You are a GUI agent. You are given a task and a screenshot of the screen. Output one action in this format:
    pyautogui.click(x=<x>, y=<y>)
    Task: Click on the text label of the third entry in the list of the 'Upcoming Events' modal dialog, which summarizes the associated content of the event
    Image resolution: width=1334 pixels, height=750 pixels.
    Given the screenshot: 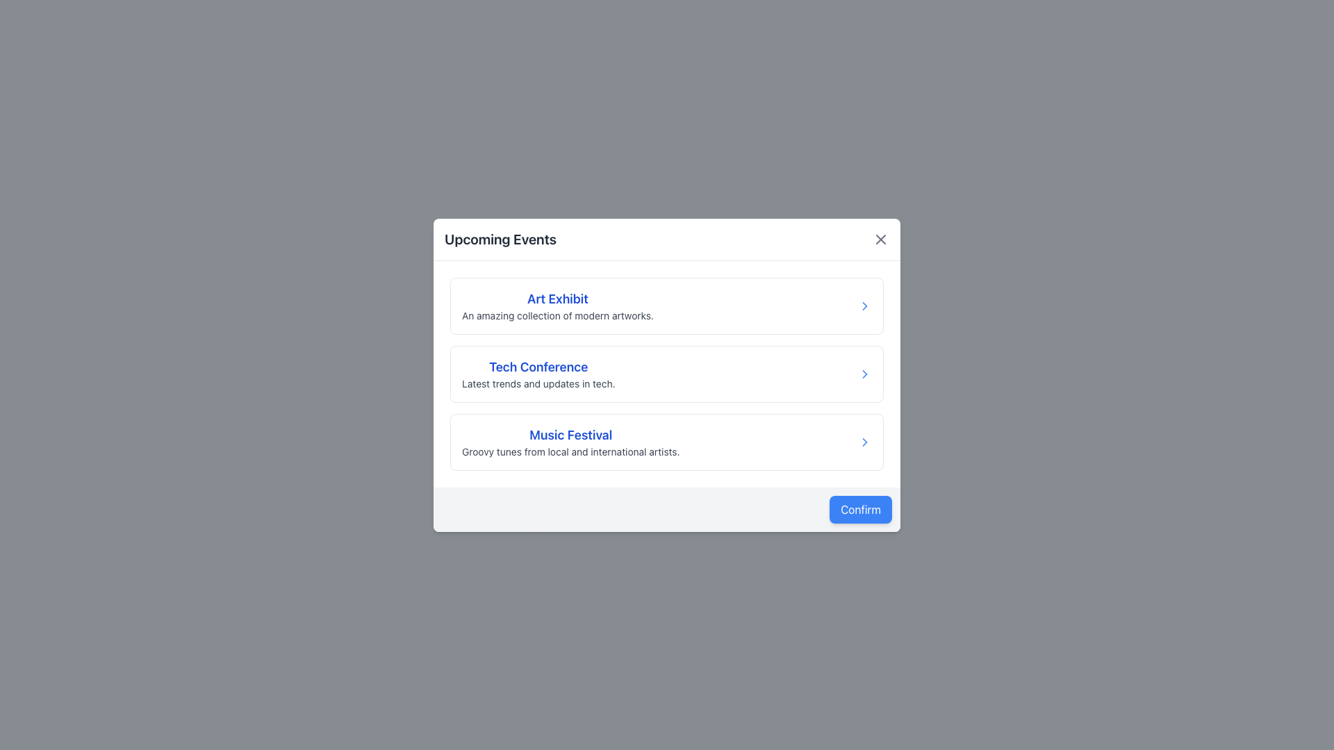 What is the action you would take?
    pyautogui.click(x=570, y=434)
    